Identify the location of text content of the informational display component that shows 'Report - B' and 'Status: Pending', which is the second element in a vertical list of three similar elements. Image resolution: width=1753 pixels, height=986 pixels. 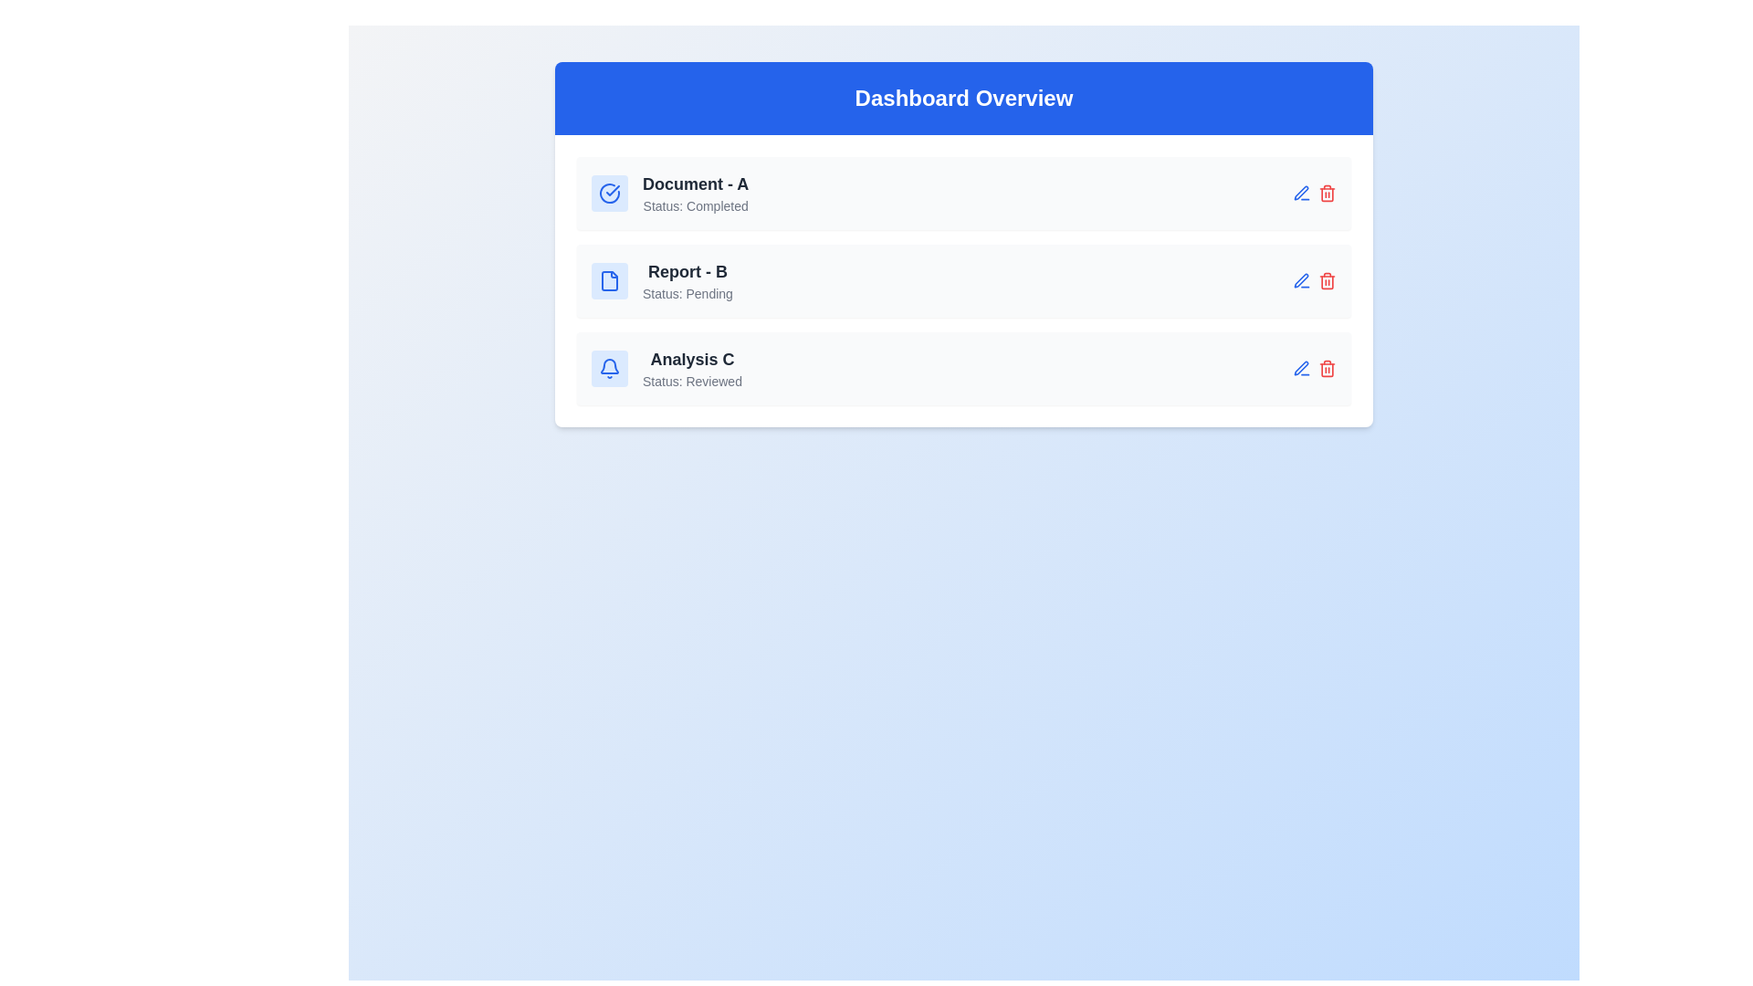
(687, 281).